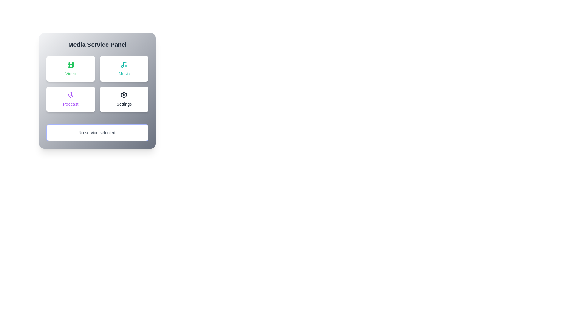  I want to click on the music icon represented as a stylized musical note within a teal square button in the top-right section of the 2x2 grid of service options, so click(124, 64).